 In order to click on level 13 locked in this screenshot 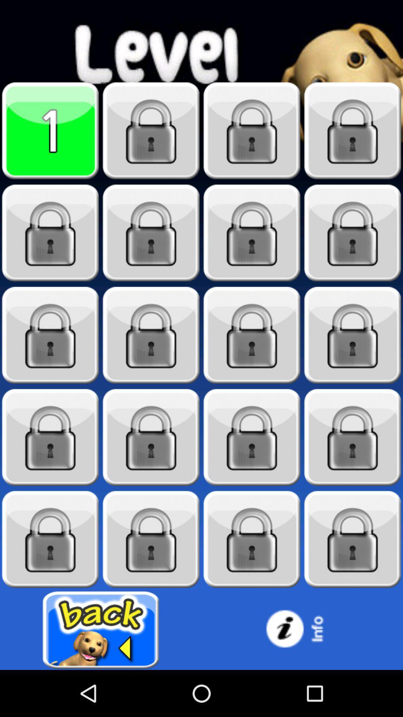, I will do `click(50, 437)`.